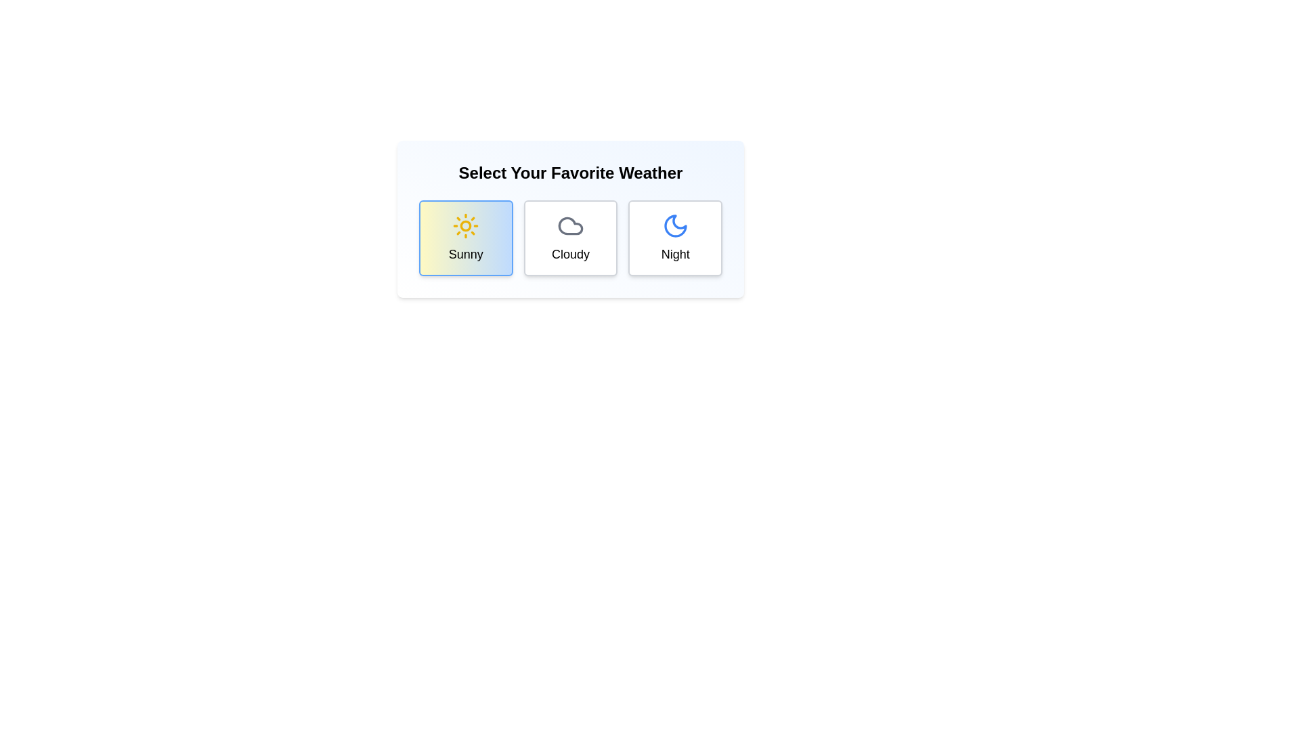 The height and width of the screenshot is (731, 1300). Describe the element at coordinates (466, 225) in the screenshot. I see `the central circle of the sun icon, which represents the 'Sunny' option in the weather selection interface, located below the label 'Select Your Favorite Weather.'` at that location.